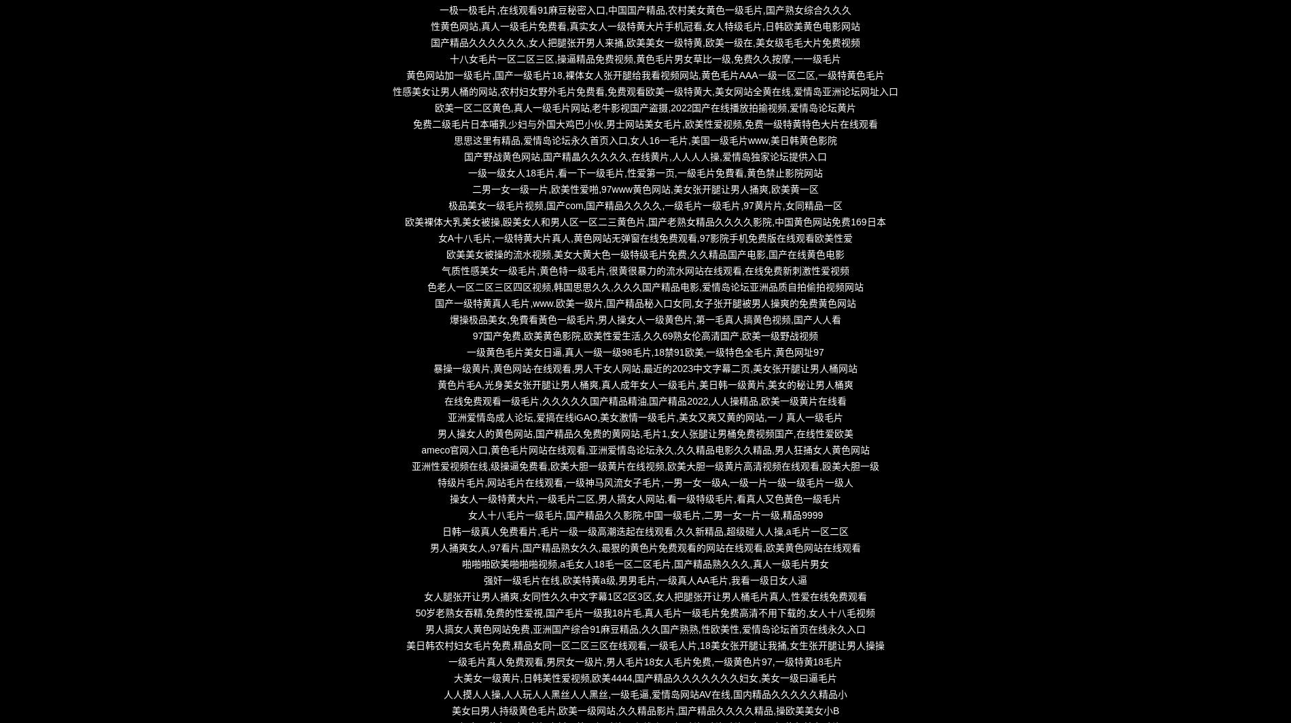 This screenshot has height=723, width=1291. What do you see at coordinates (449, 319) in the screenshot?
I see `'爆操极品美女,免費看黃色一級毛片,男人操女人一级黄色片,第一毛真人搞黄色视频,国产人人看'` at bounding box center [449, 319].